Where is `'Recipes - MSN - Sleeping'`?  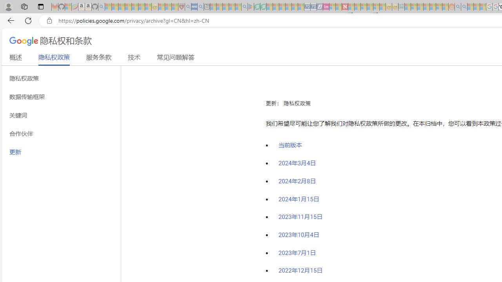
'Recipes - MSN - Sleeping' is located at coordinates (161, 7).